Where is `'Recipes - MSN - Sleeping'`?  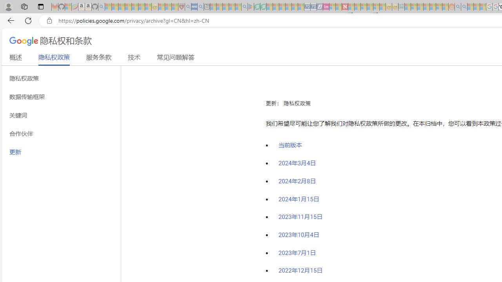
'Recipes - MSN - Sleeping' is located at coordinates (161, 7).